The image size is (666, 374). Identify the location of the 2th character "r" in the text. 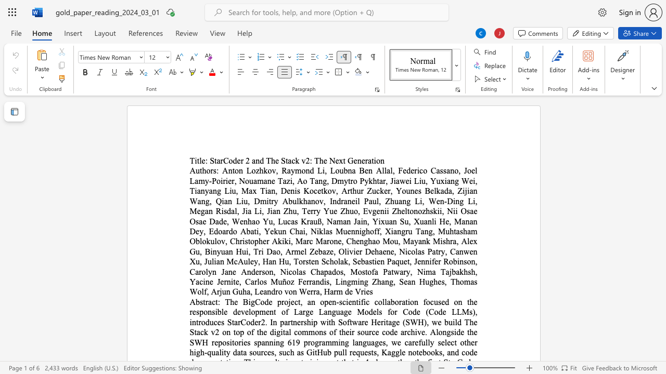
(241, 161).